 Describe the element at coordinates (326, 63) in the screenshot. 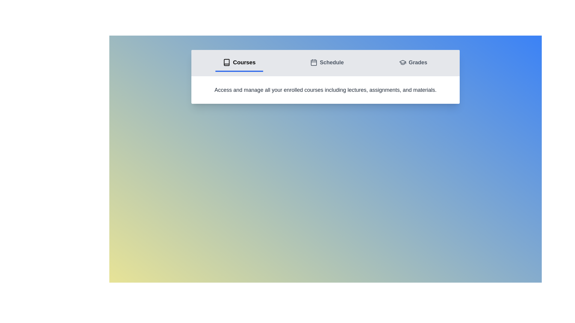

I see `the tab labeled Schedule to display its content` at that location.